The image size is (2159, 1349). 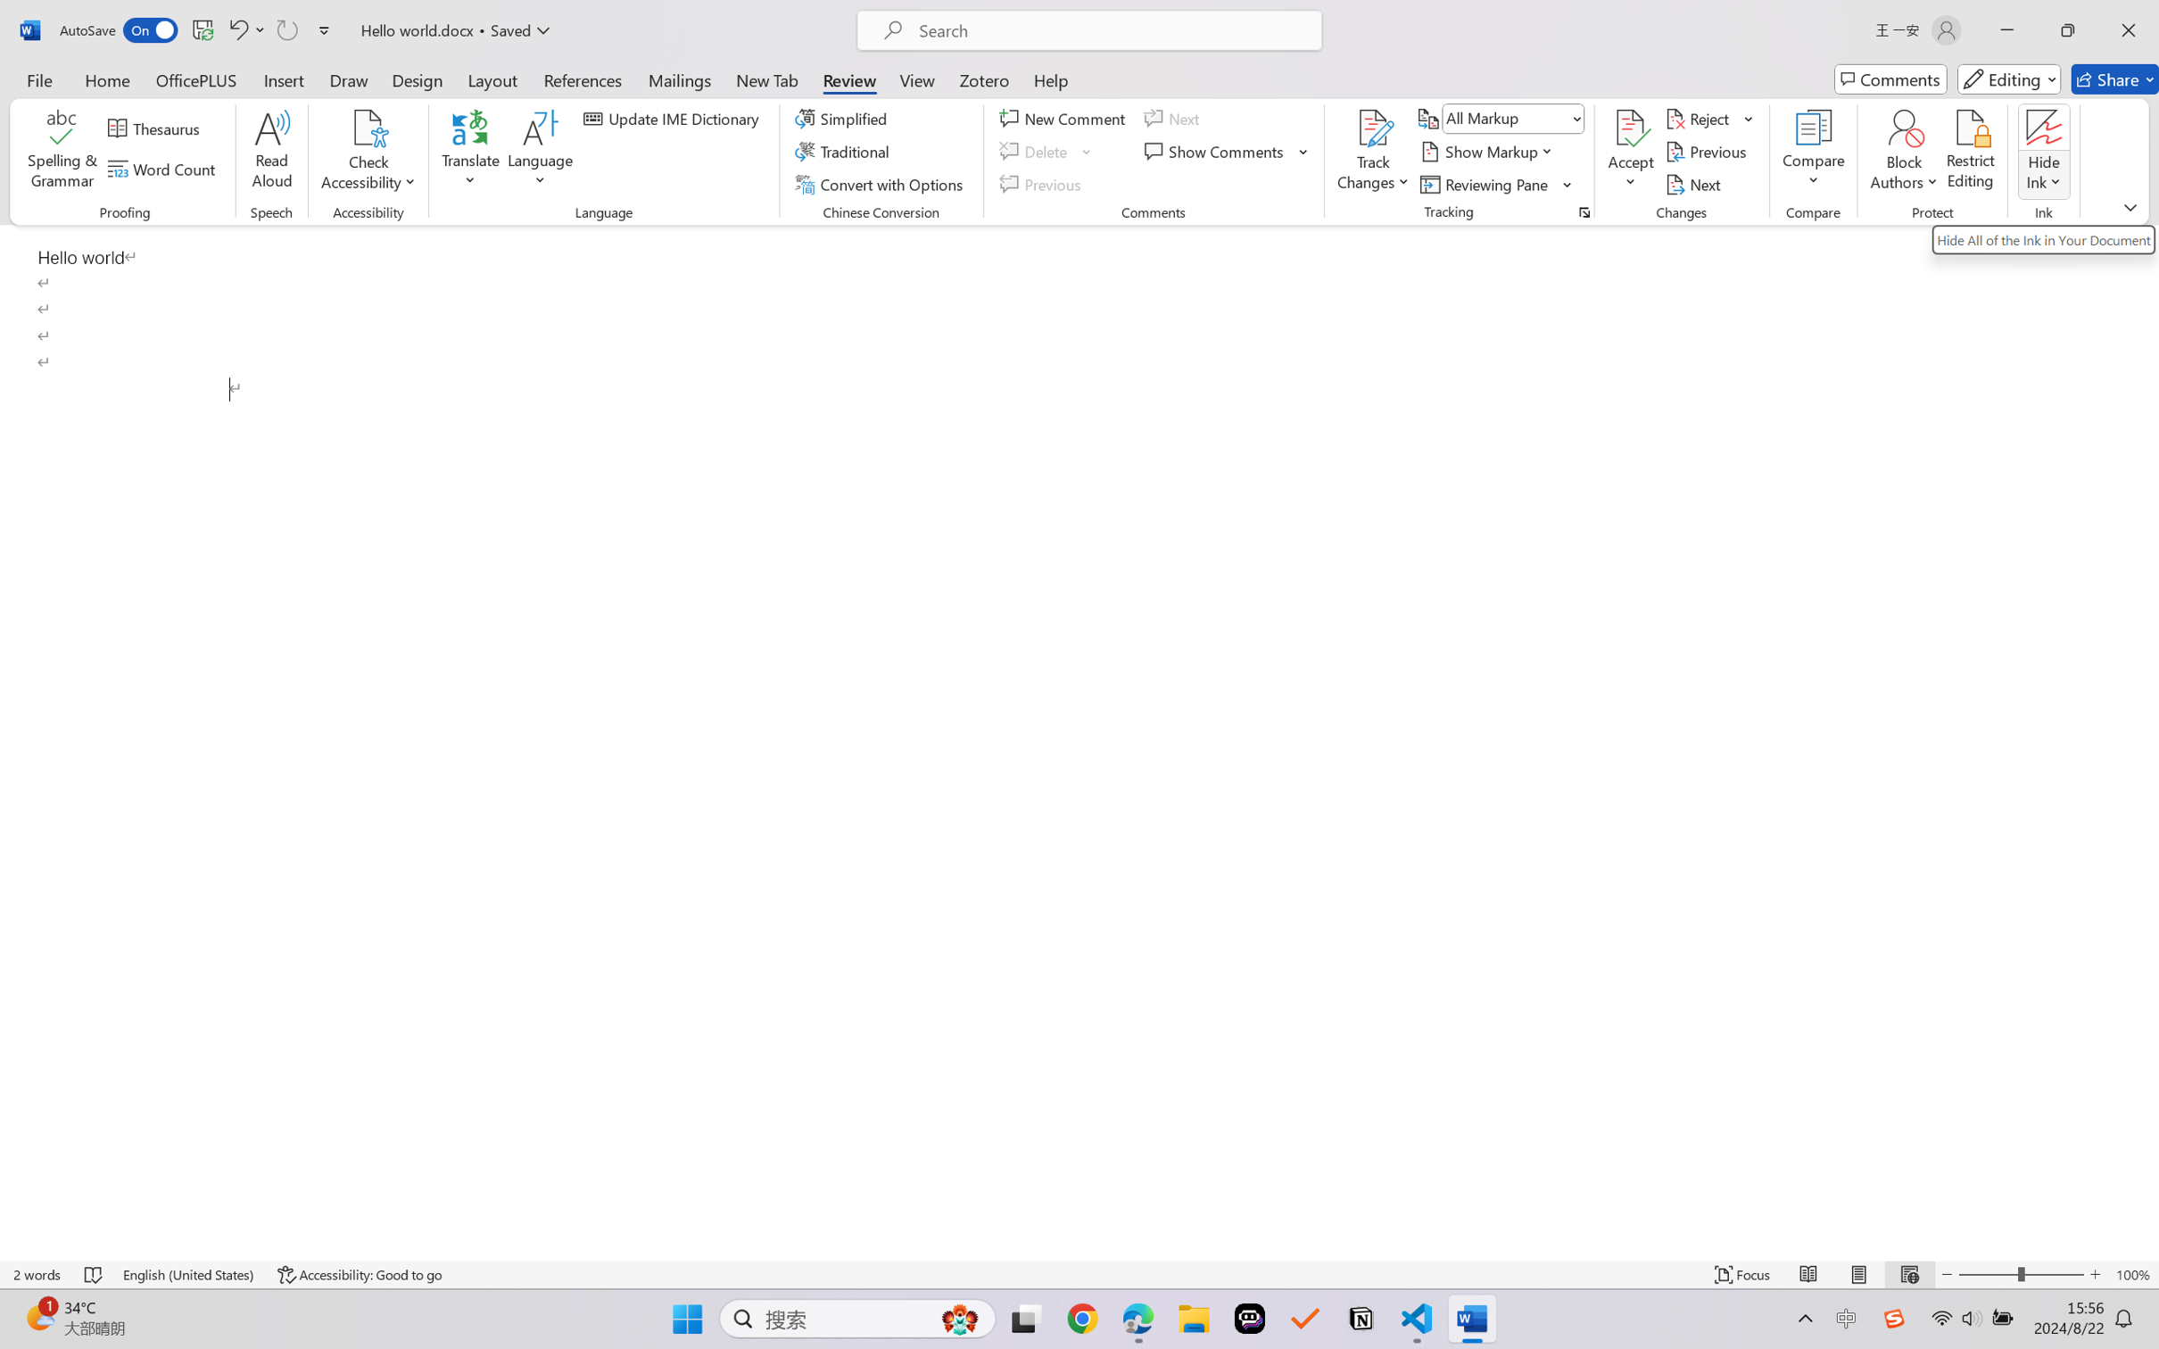 I want to click on 'Traditional', so click(x=844, y=152).